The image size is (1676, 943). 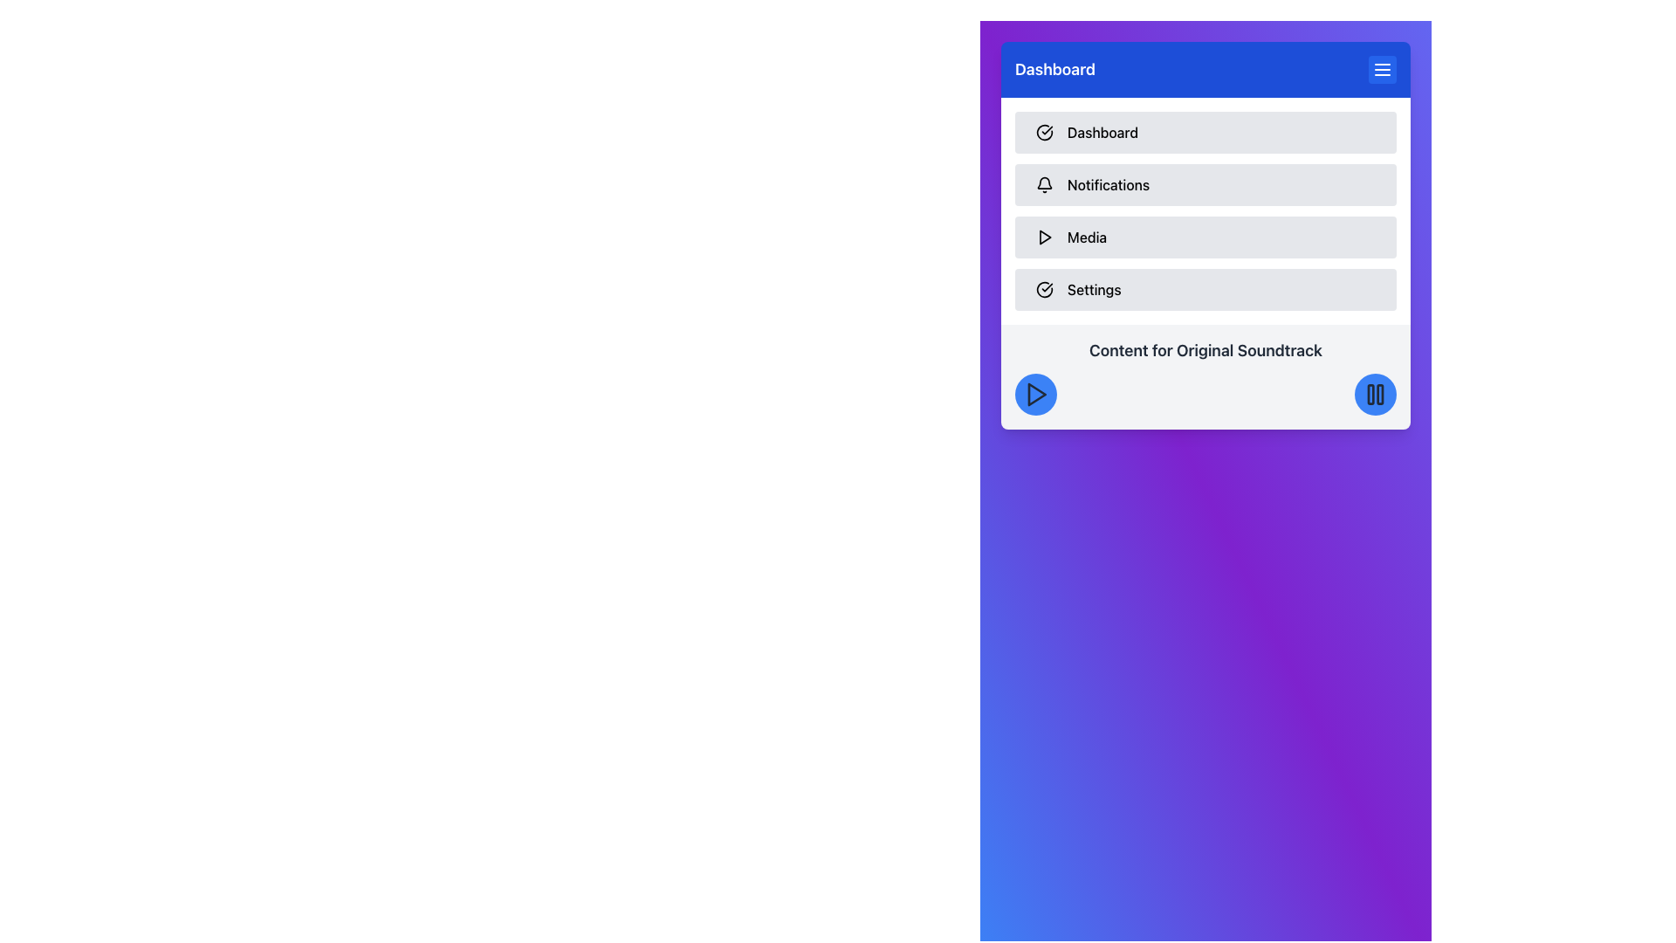 I want to click on the small, square blue button with rounded corners located in the top-right corner of the header bar adjacent to the 'Dashboard' label, which features a white hamburger icon to trigger hover effects, so click(x=1382, y=69).